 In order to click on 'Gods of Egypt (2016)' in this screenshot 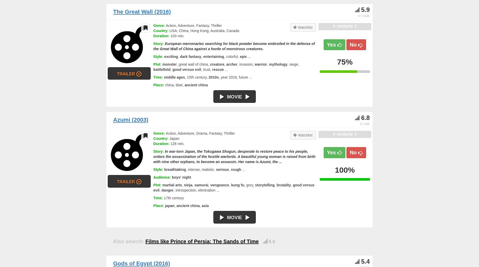, I will do `click(142, 263)`.